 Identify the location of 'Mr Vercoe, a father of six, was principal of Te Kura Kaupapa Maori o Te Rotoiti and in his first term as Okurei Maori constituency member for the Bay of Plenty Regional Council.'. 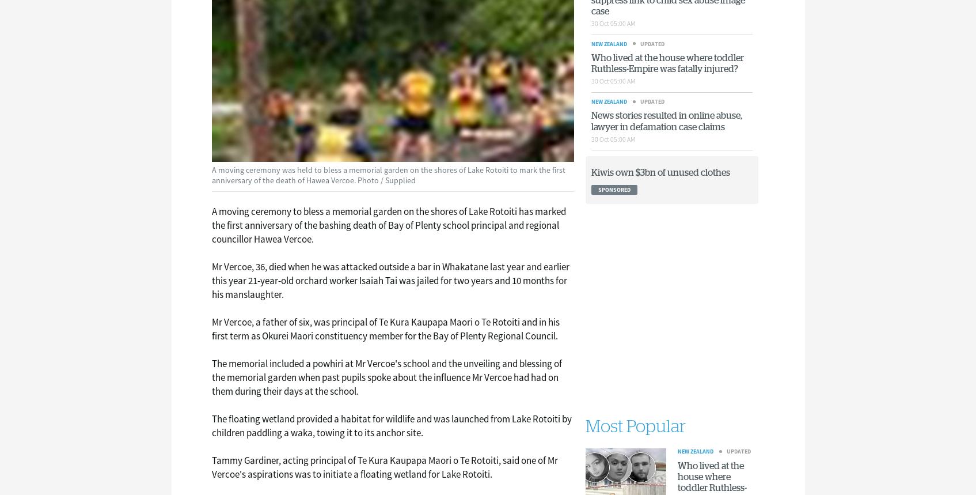
(385, 328).